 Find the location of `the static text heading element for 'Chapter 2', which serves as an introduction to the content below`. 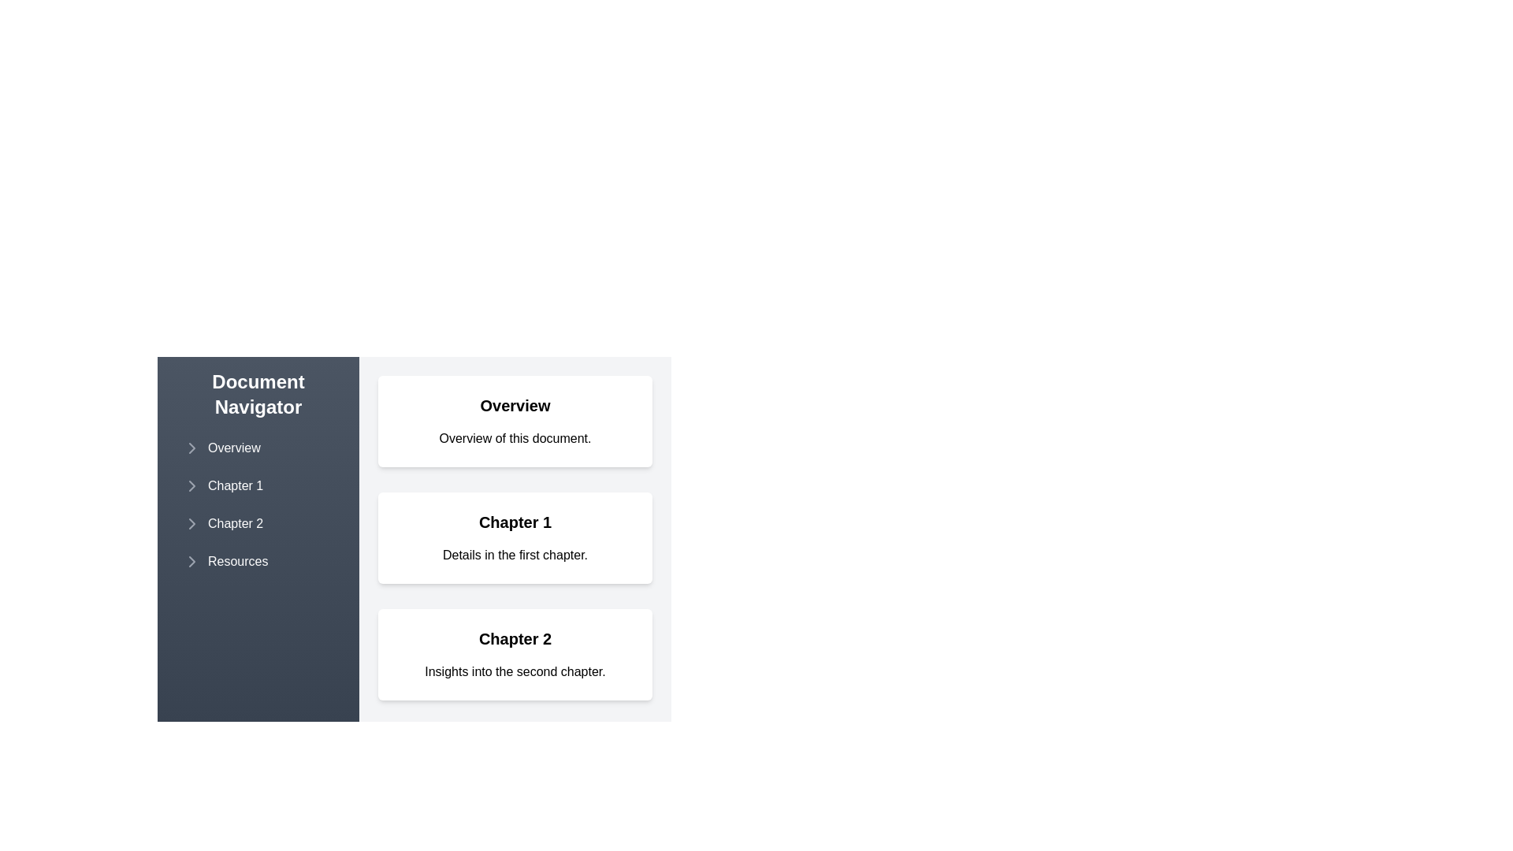

the static text heading element for 'Chapter 2', which serves as an introduction to the content below is located at coordinates (515, 638).